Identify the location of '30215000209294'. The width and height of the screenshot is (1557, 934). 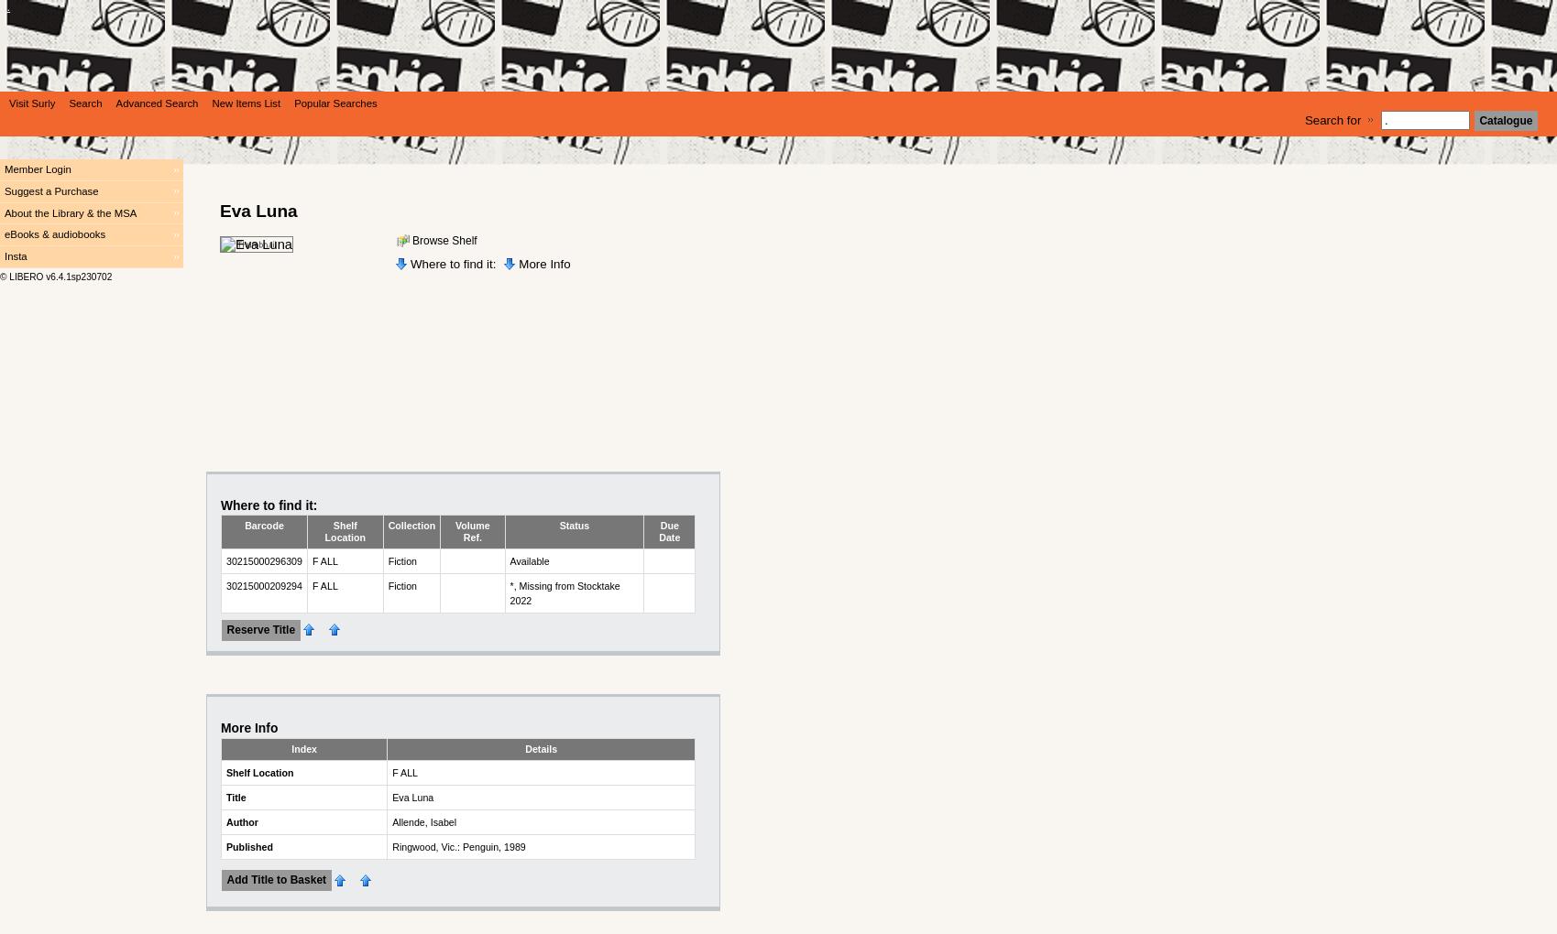
(262, 585).